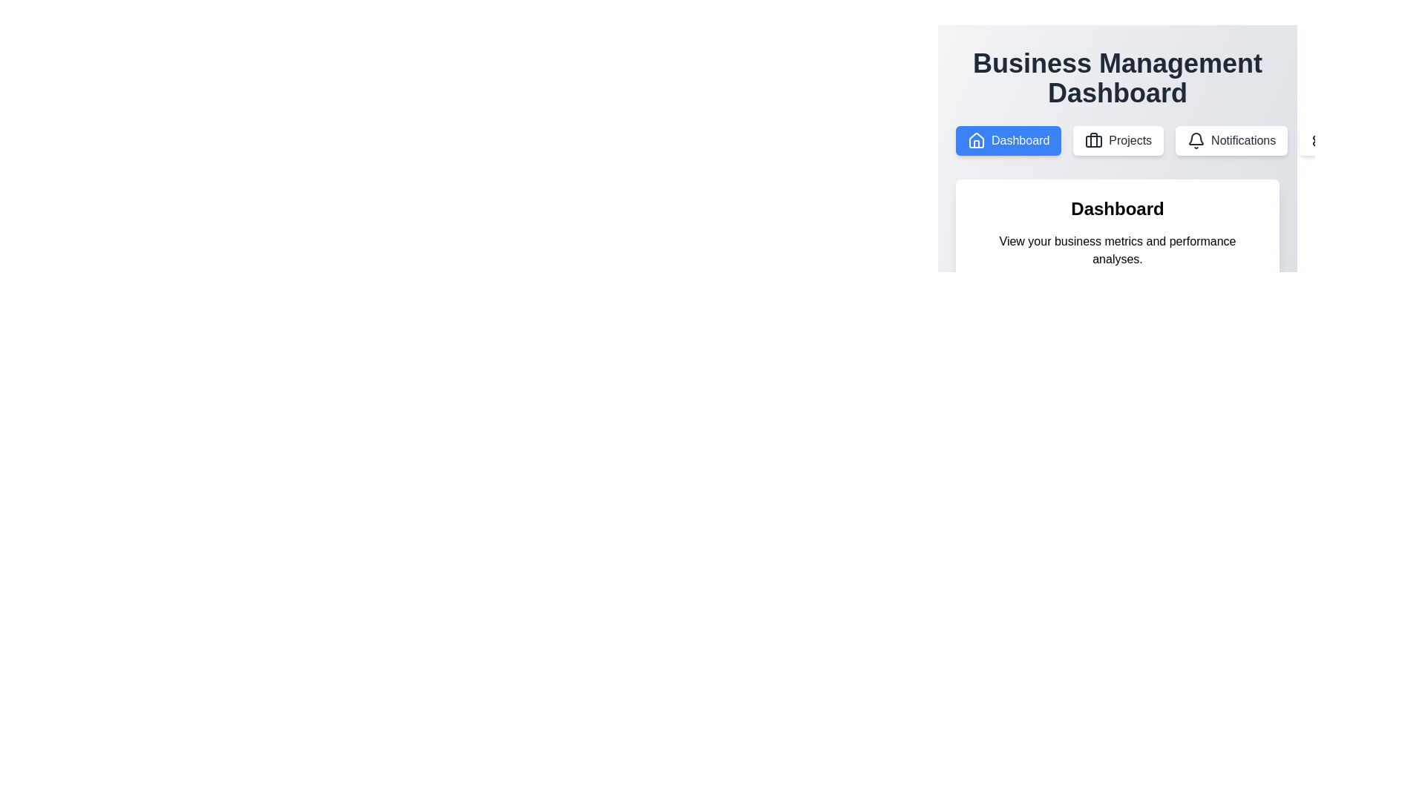 The height and width of the screenshot is (801, 1425). I want to click on the vertical line segment within the SVG that forms part of the briefcase-shaped icon, which is centrally aligned within the icon's design, so click(1094, 140).